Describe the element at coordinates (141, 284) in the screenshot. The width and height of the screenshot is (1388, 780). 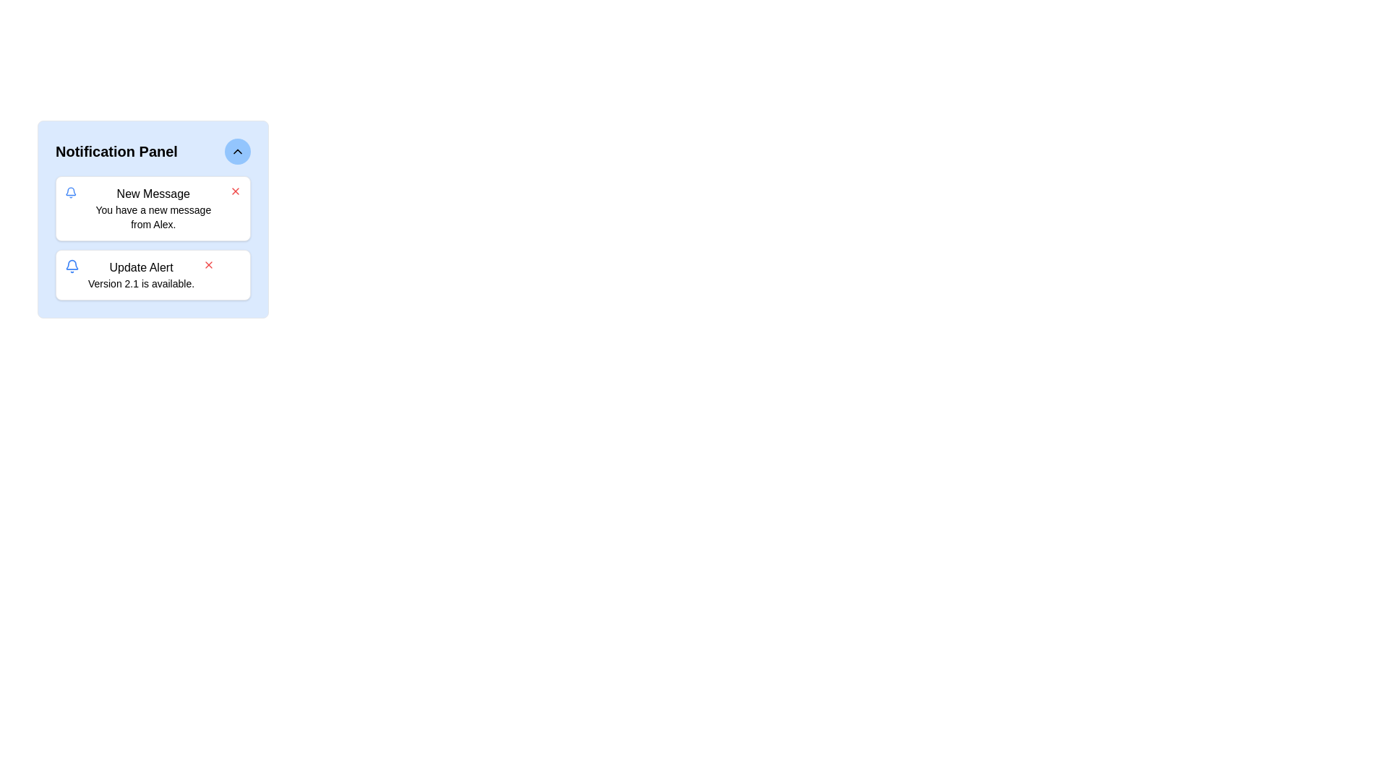
I see `the text label displaying 'Version 2.1 is available.' located within the 'Update Alert' notification entry` at that location.